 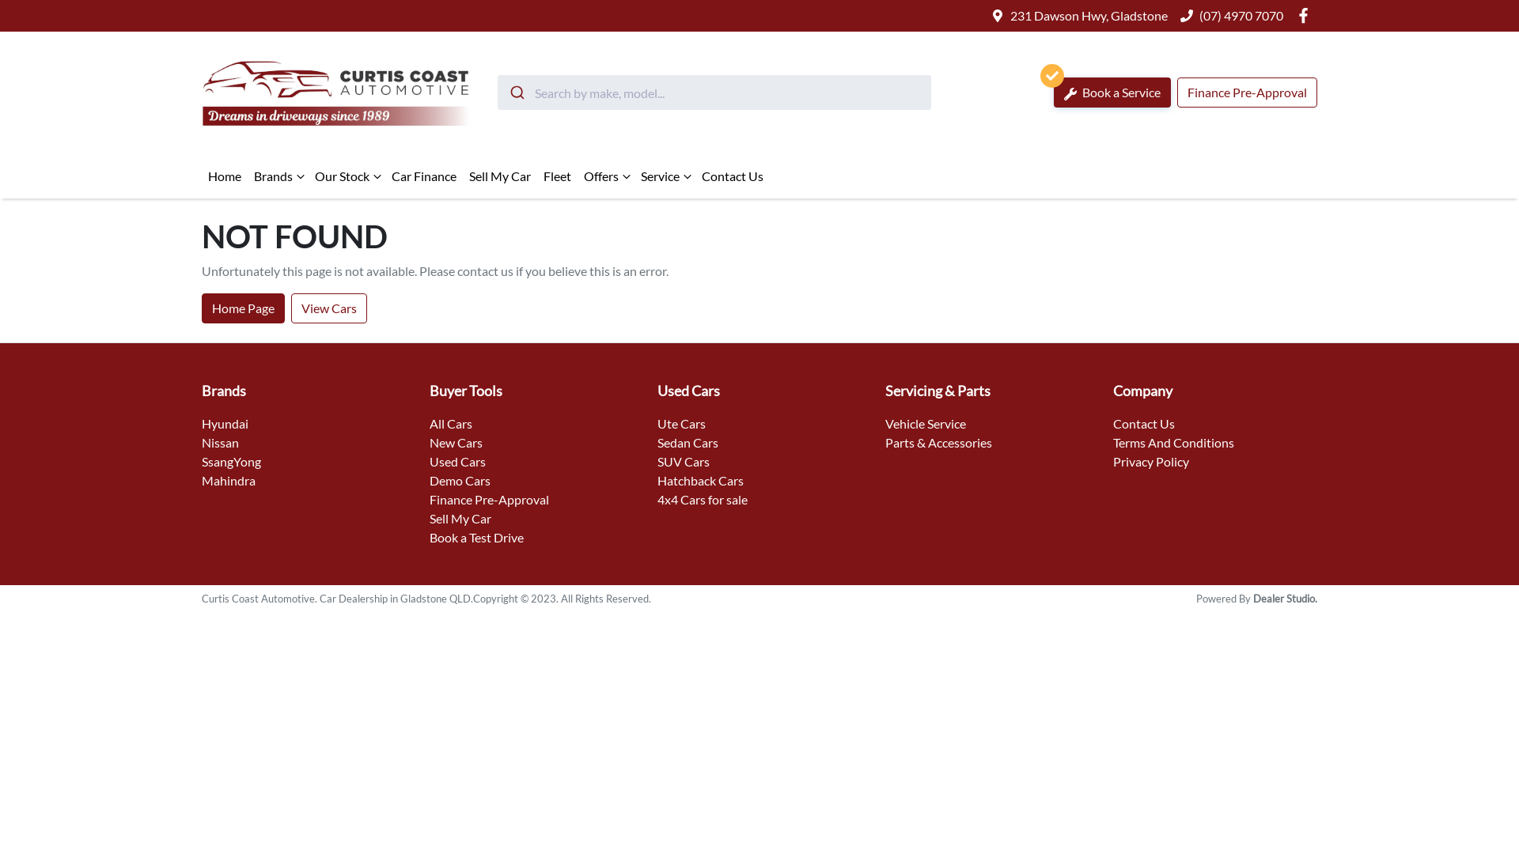 What do you see at coordinates (1088, 15) in the screenshot?
I see `'231 Dawson Hwy, Gladstone'` at bounding box center [1088, 15].